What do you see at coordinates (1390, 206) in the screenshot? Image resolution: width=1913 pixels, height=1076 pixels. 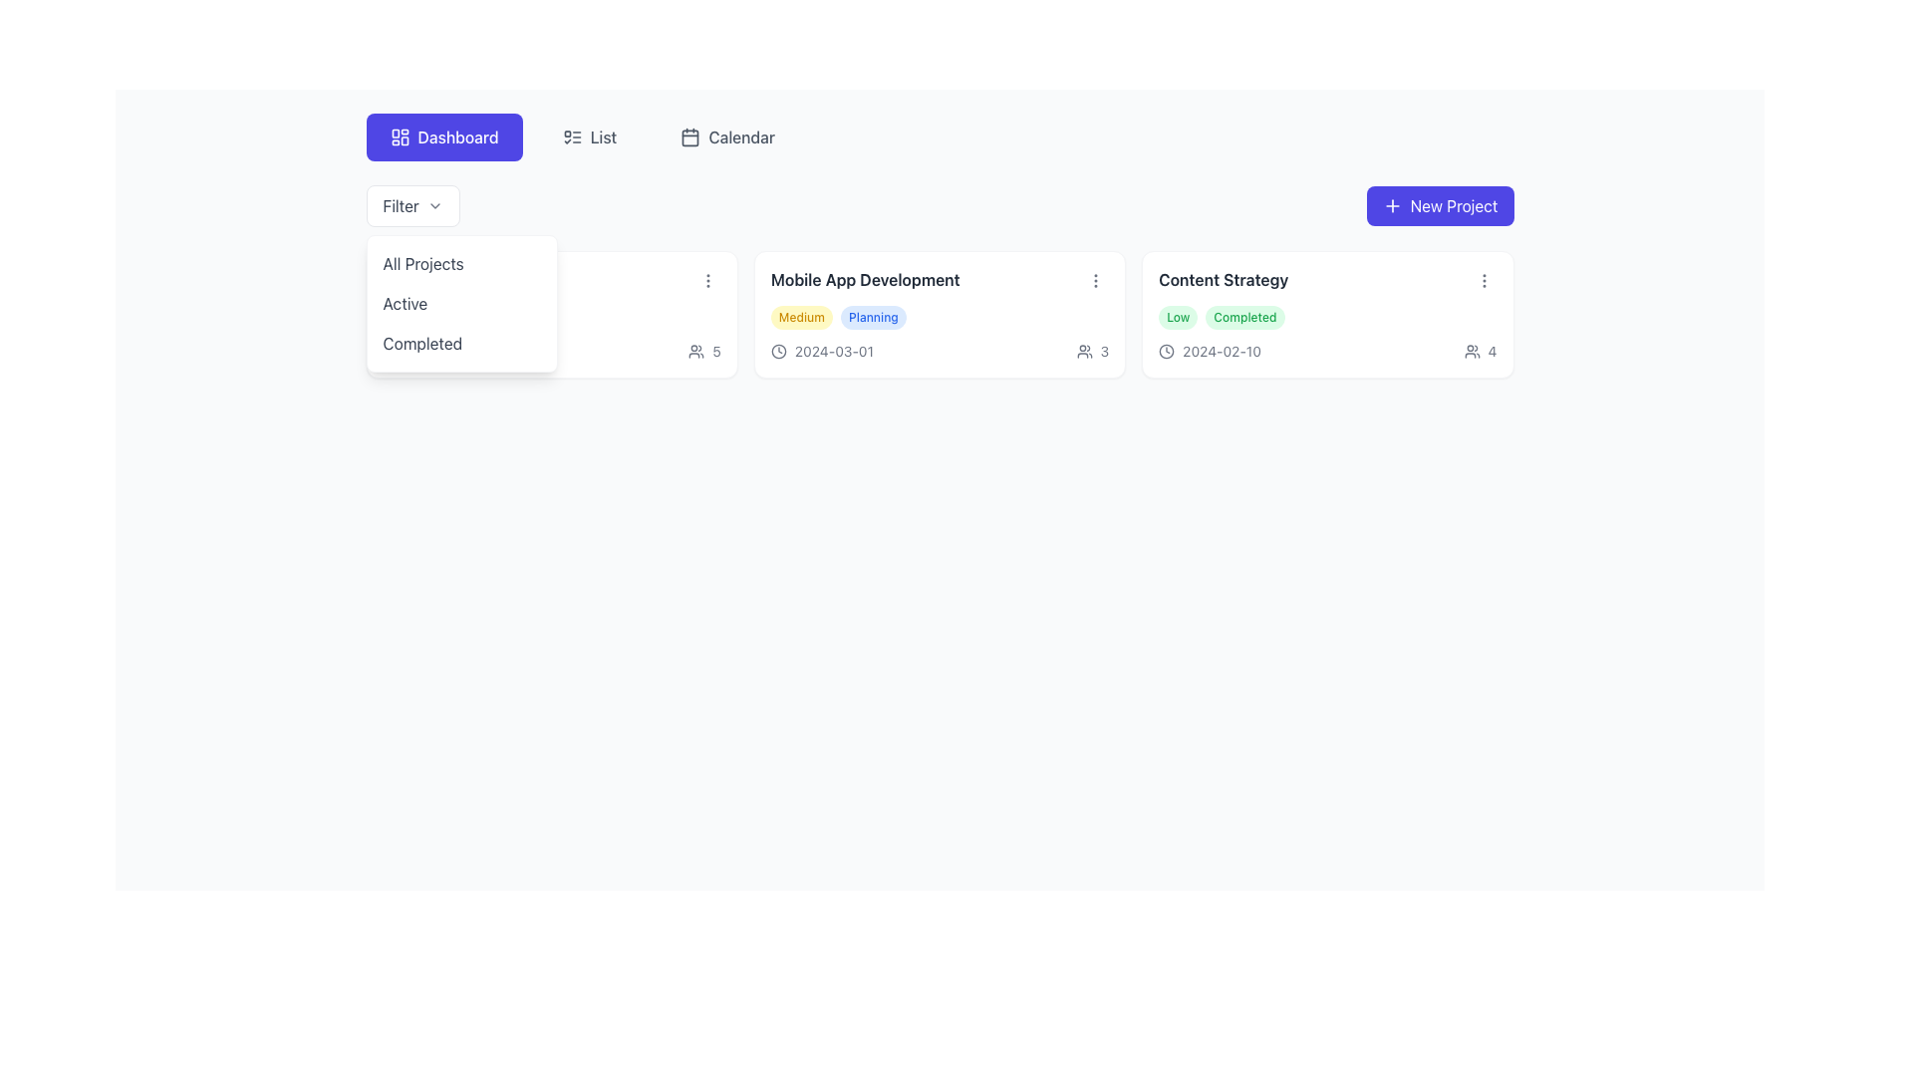 I see `the 'New Project' button icon located at the top-right corner of the interface, which has an indigo background and is associated with creating a new project` at bounding box center [1390, 206].